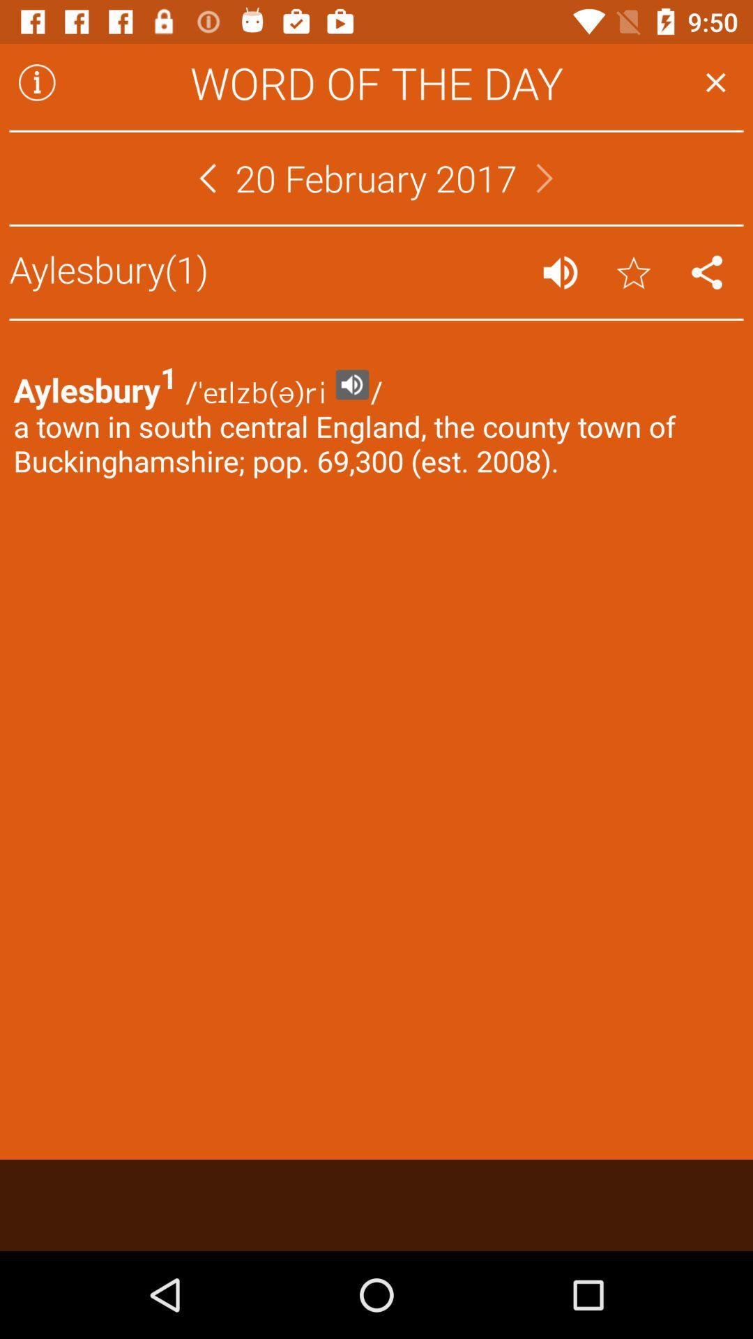 This screenshot has height=1339, width=753. I want to click on item at the center, so click(376, 753).